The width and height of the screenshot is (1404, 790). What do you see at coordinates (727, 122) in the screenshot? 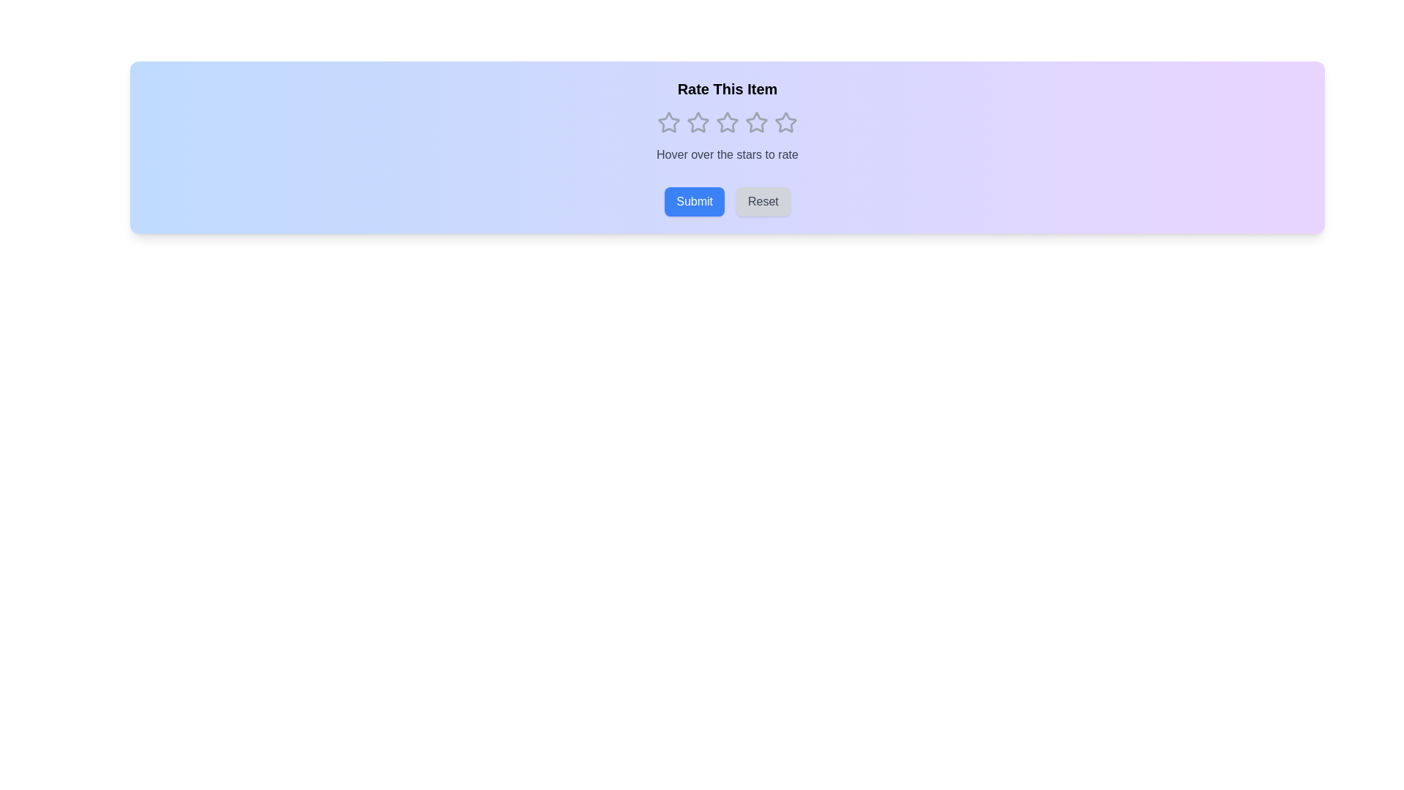
I see `the third star in a row of five stars, which is visually styled with a rounded shape and gray outline, located at the center coordinates of the rating component` at bounding box center [727, 122].